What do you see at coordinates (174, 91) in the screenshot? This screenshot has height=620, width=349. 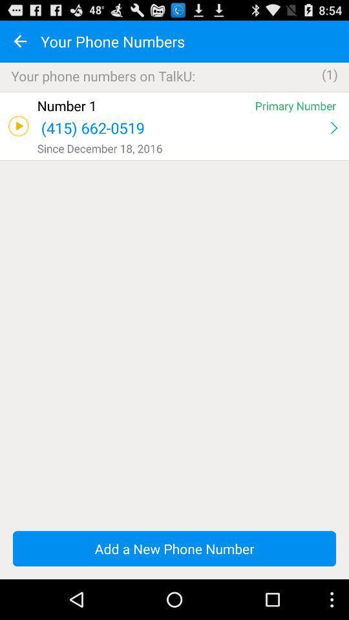 I see `the item below your phone numbers item` at bounding box center [174, 91].